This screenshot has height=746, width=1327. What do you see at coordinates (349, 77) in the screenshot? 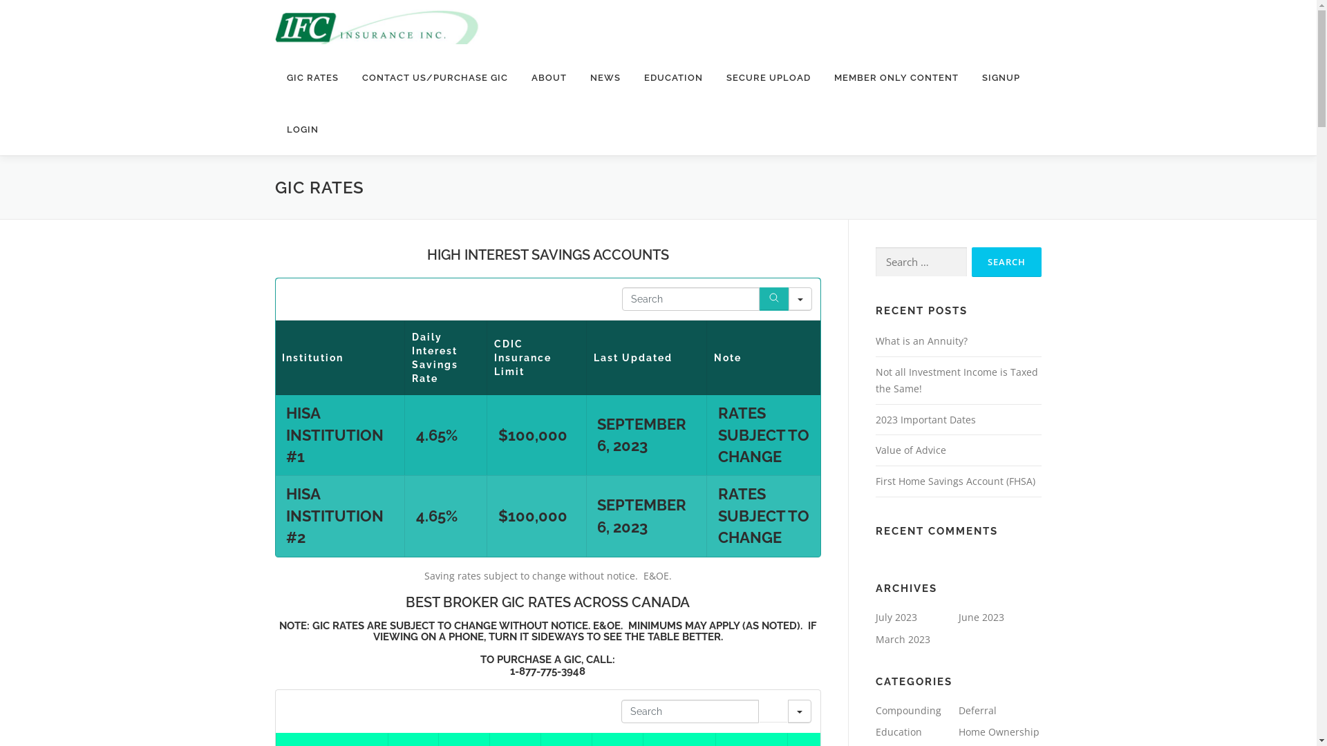
I see `'CONTACT US/PURCHASE GIC'` at bounding box center [349, 77].